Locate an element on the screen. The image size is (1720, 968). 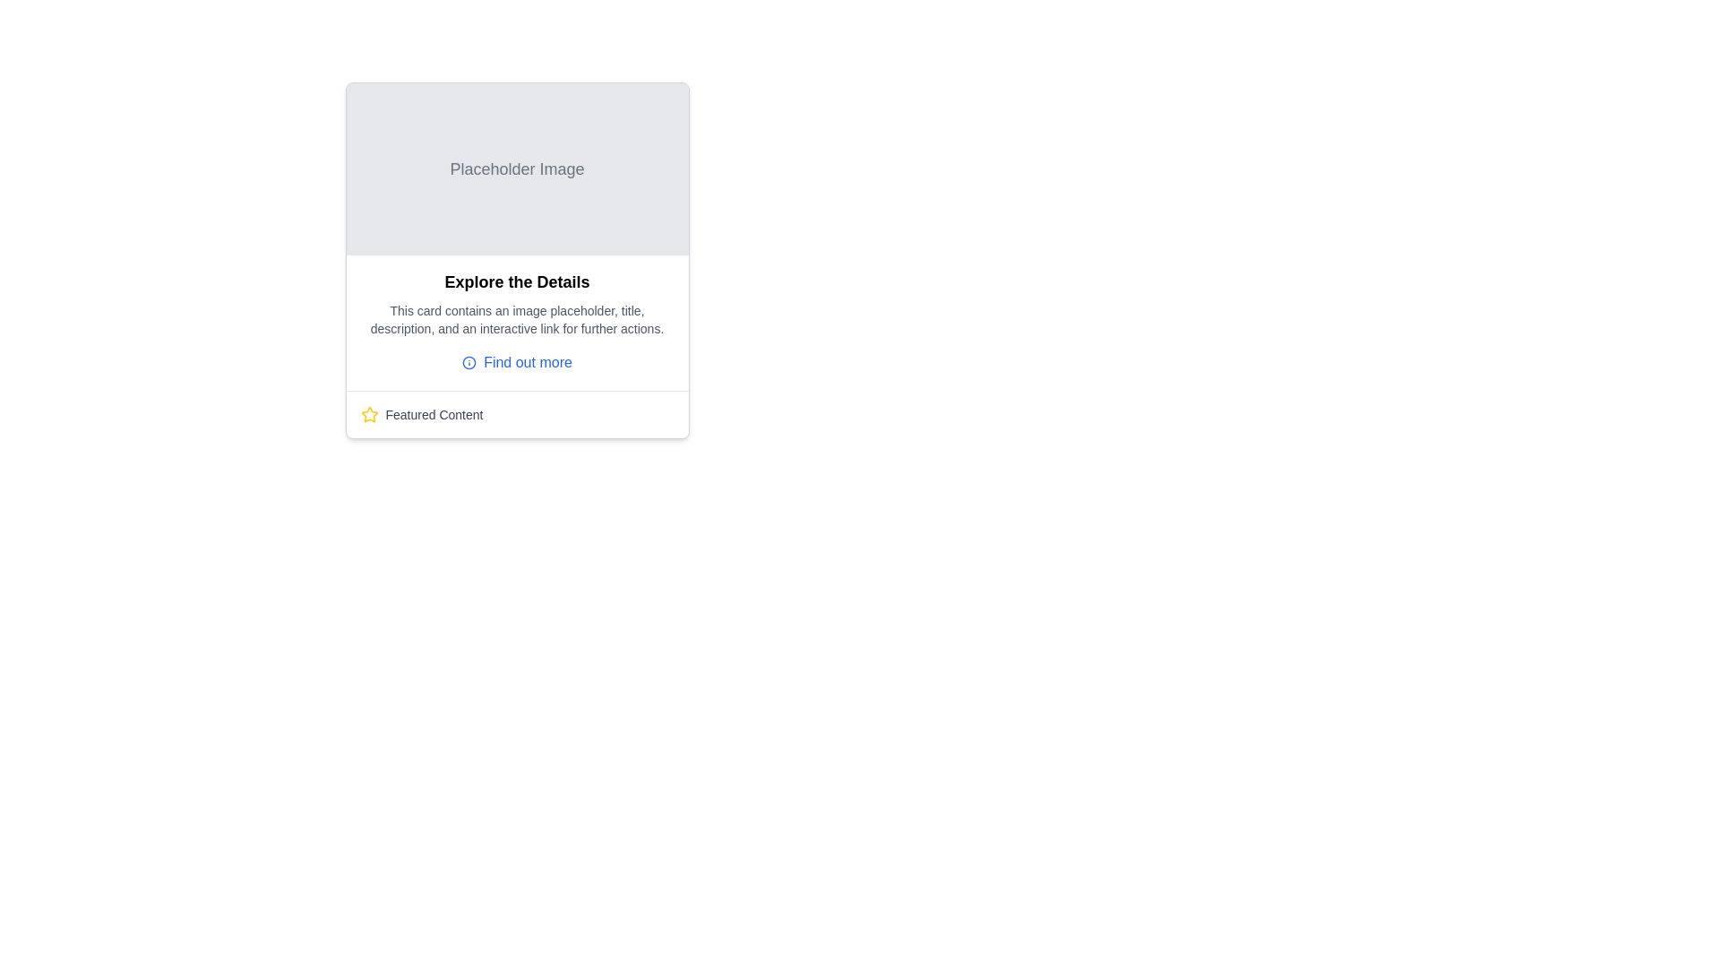
the informational icon located to the left of the 'Find out more' link, positioned in the lower part of the card near the center is located at coordinates (469, 363).